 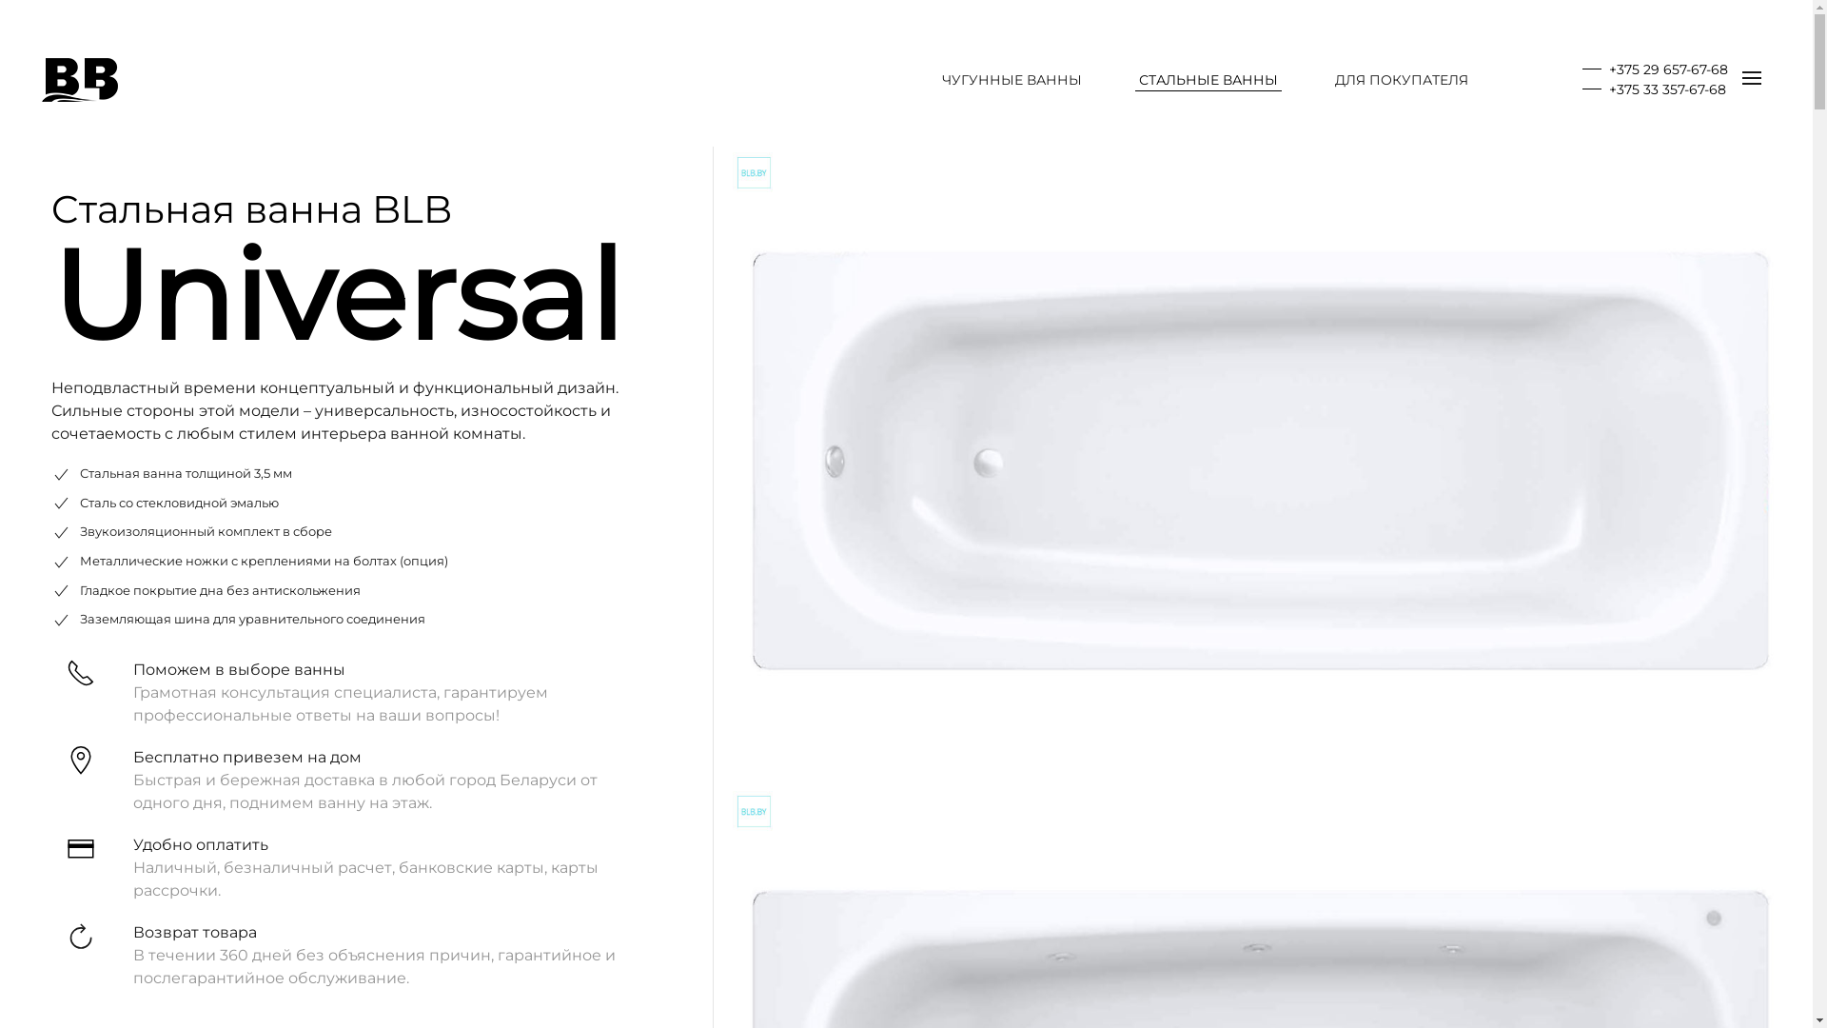 What do you see at coordinates (1654, 69) in the screenshot?
I see `'+375 29 657-67-68'` at bounding box center [1654, 69].